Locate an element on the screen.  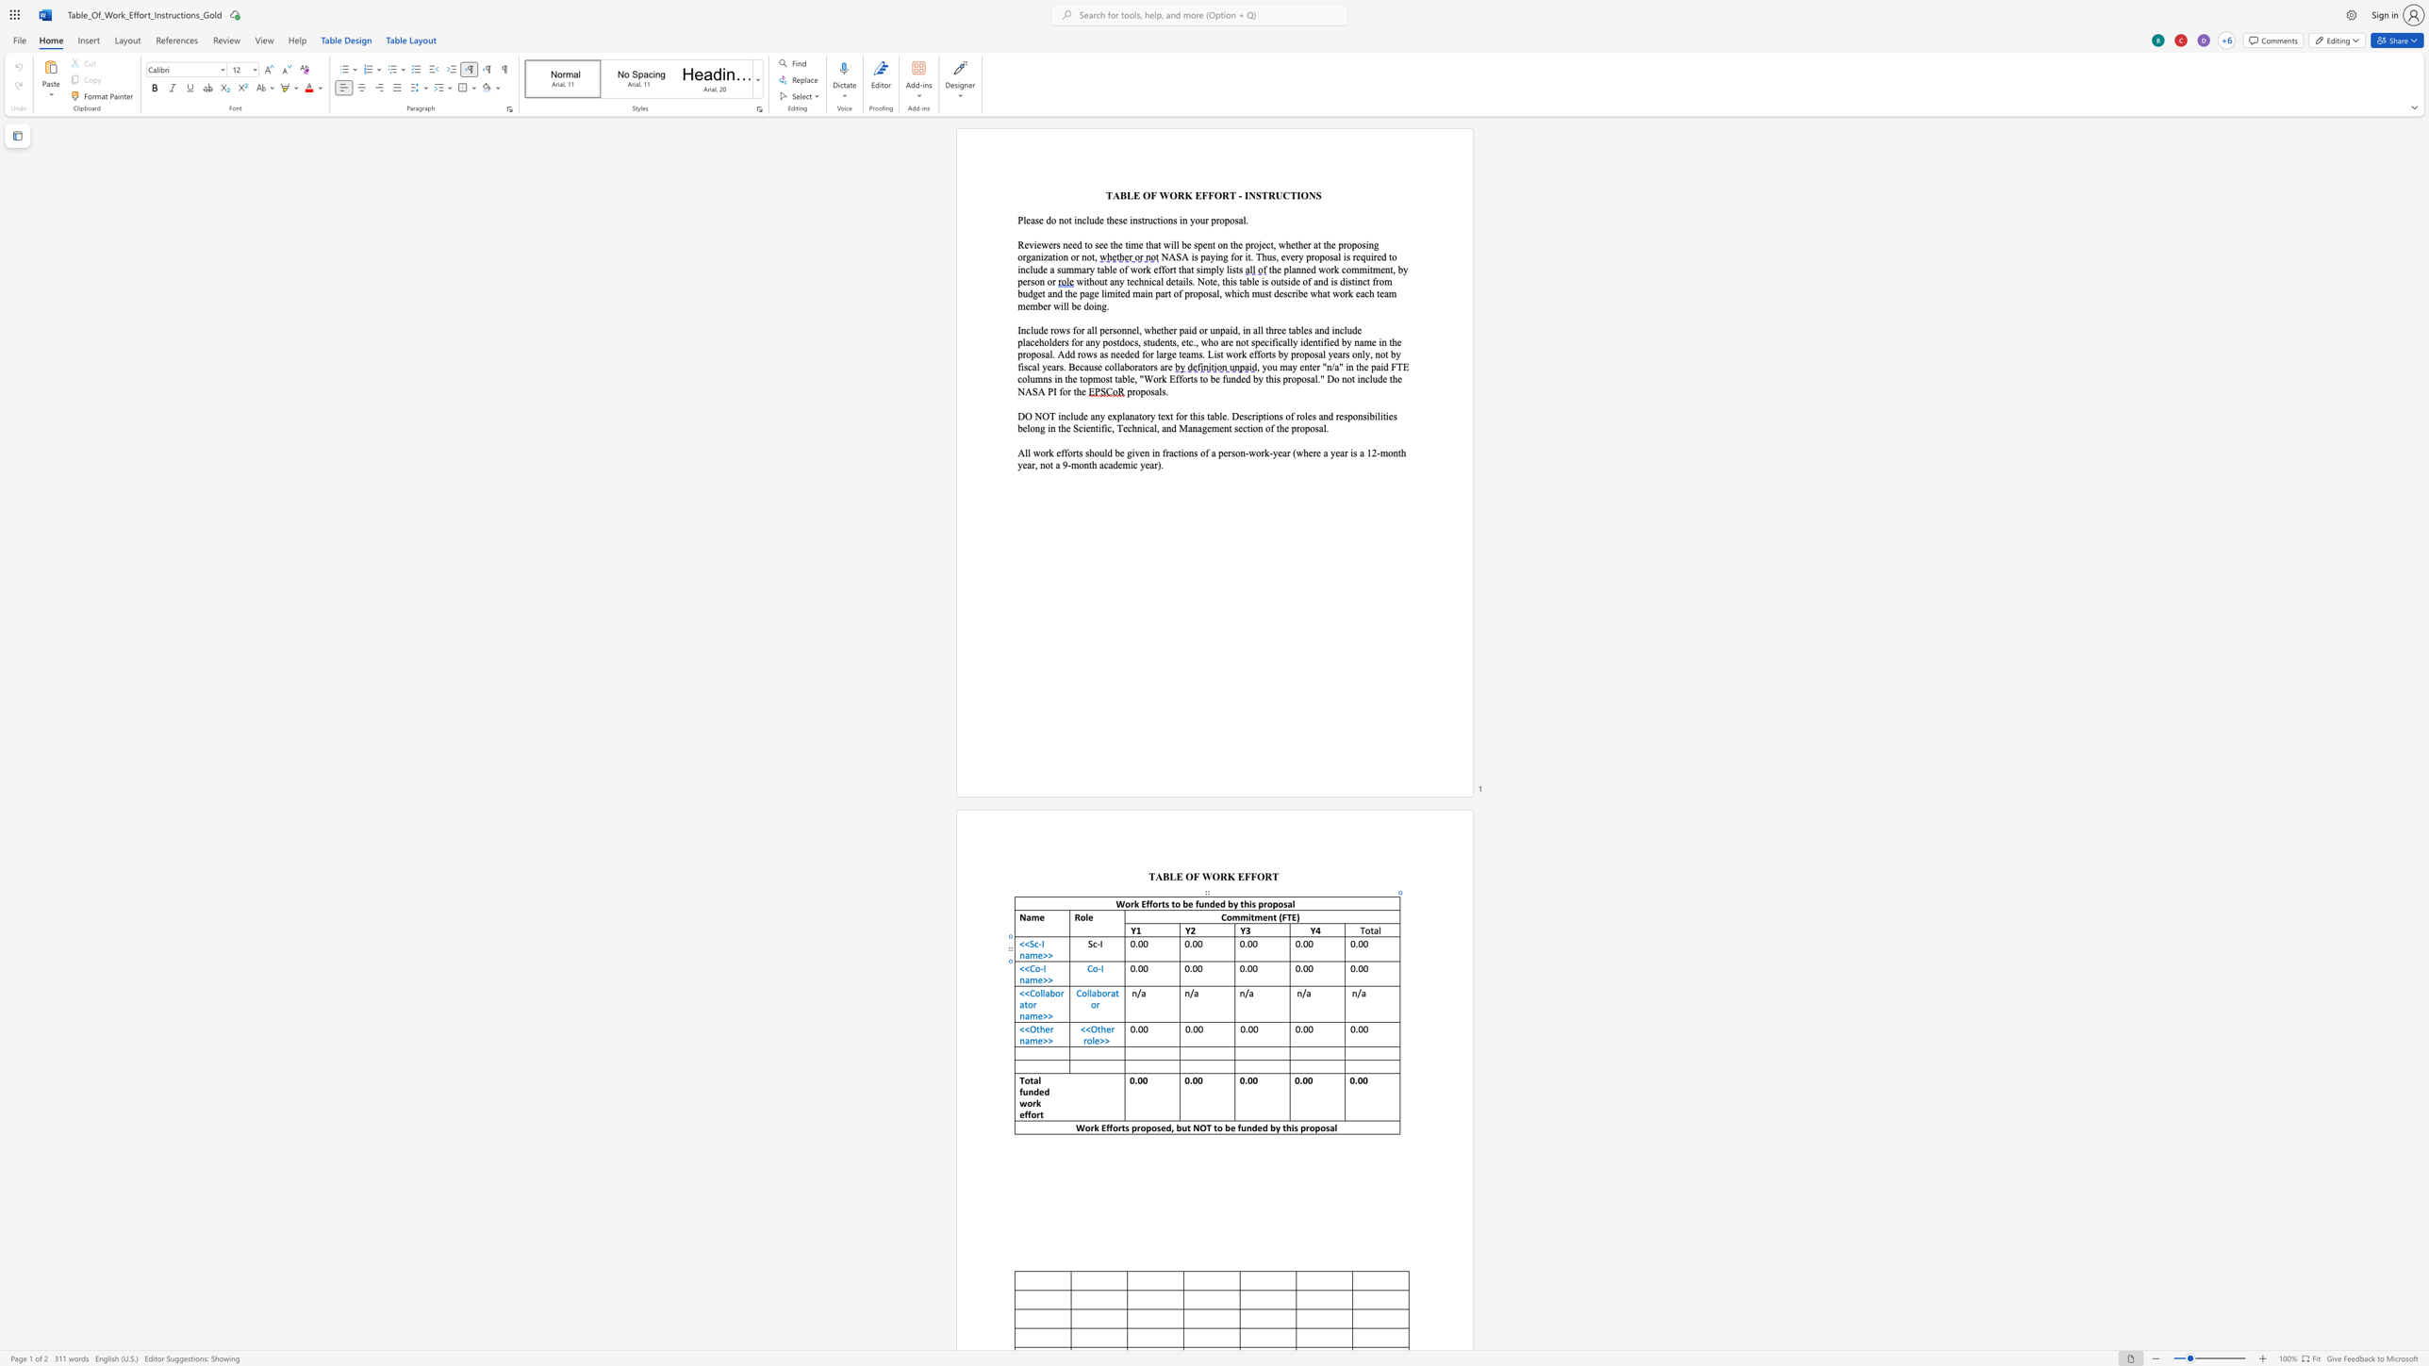
the space between the continuous character "b" and "o" in the text is located at coordinates (1055, 993).